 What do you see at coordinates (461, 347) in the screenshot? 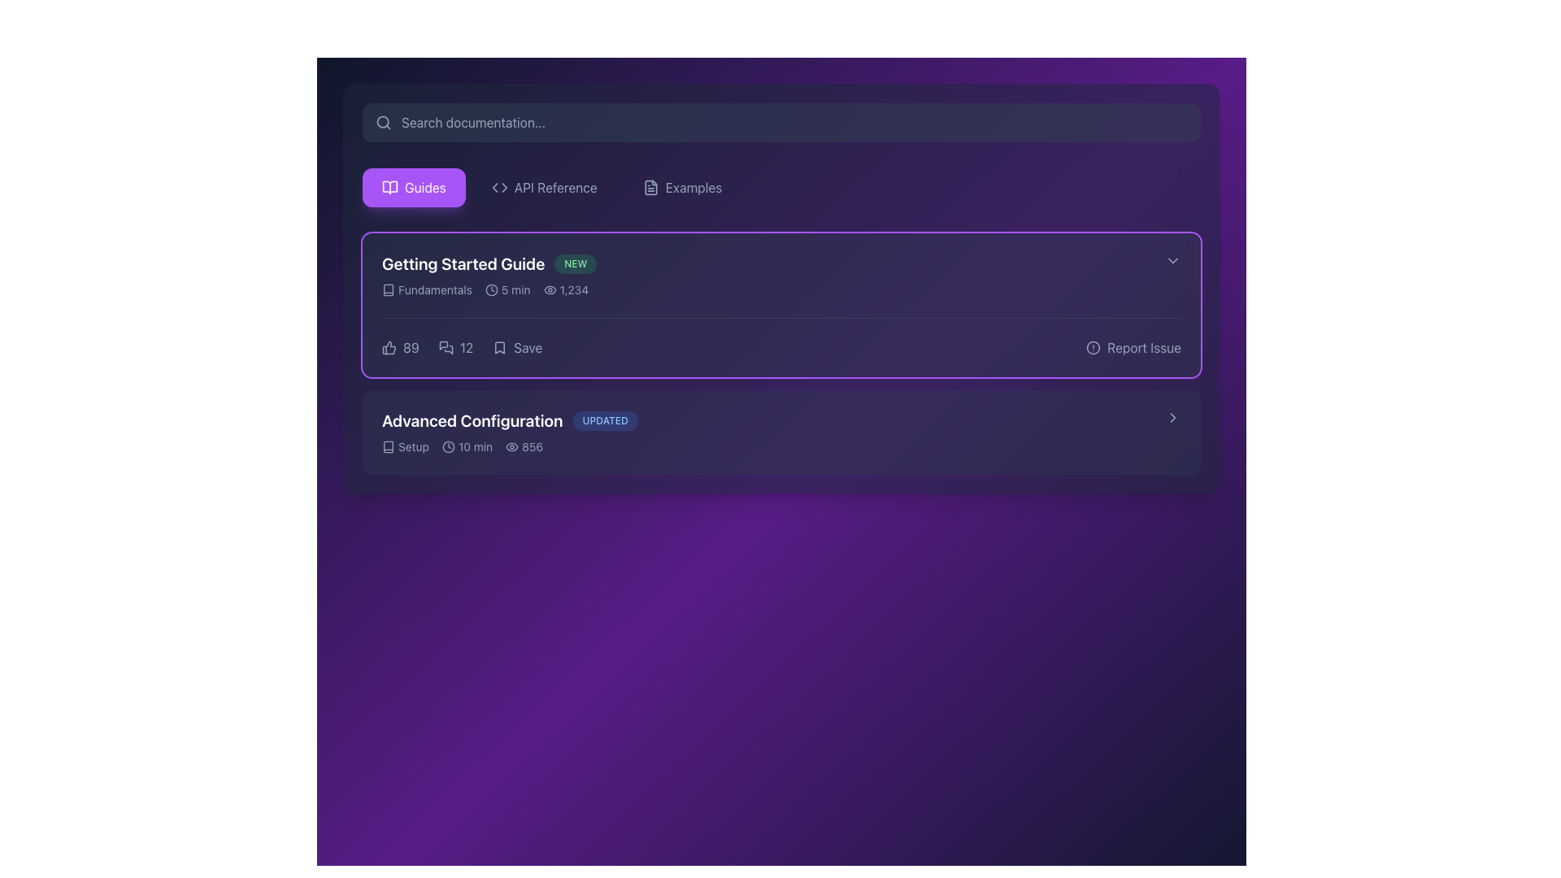
I see `the speech bubble icon in the horizontal group of interactive feedback options located near the bottom-left of the 'Getting Started Guide' card` at bounding box center [461, 347].